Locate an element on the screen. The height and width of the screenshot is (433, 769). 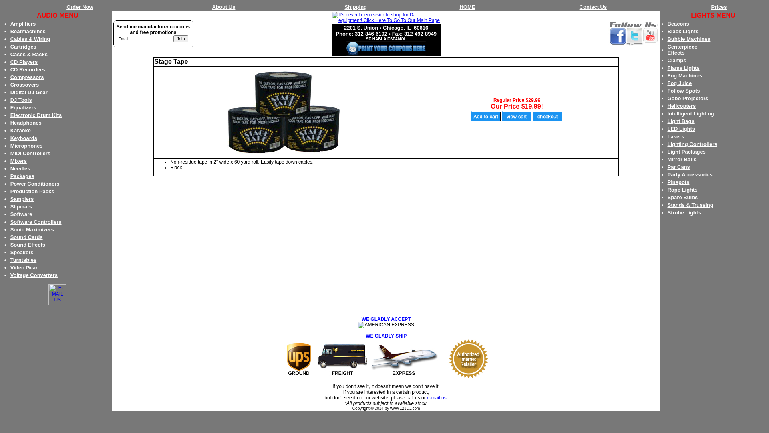
'Mirror Balls' is located at coordinates (681, 159).